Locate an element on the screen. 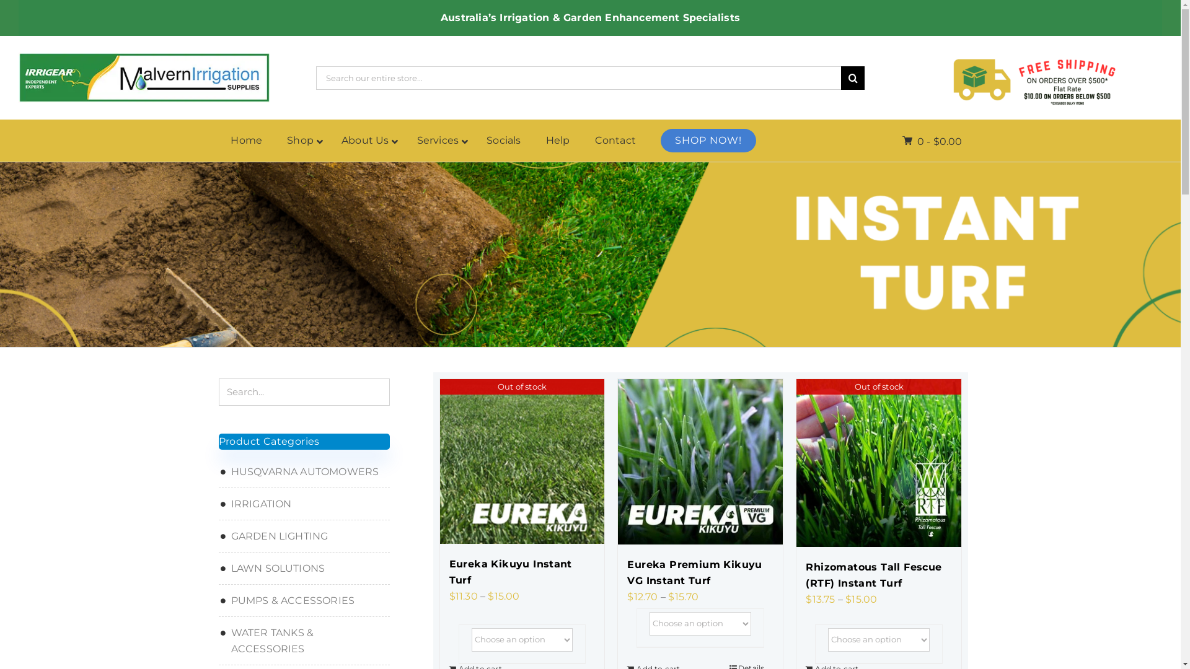  'Help' is located at coordinates (533, 140).